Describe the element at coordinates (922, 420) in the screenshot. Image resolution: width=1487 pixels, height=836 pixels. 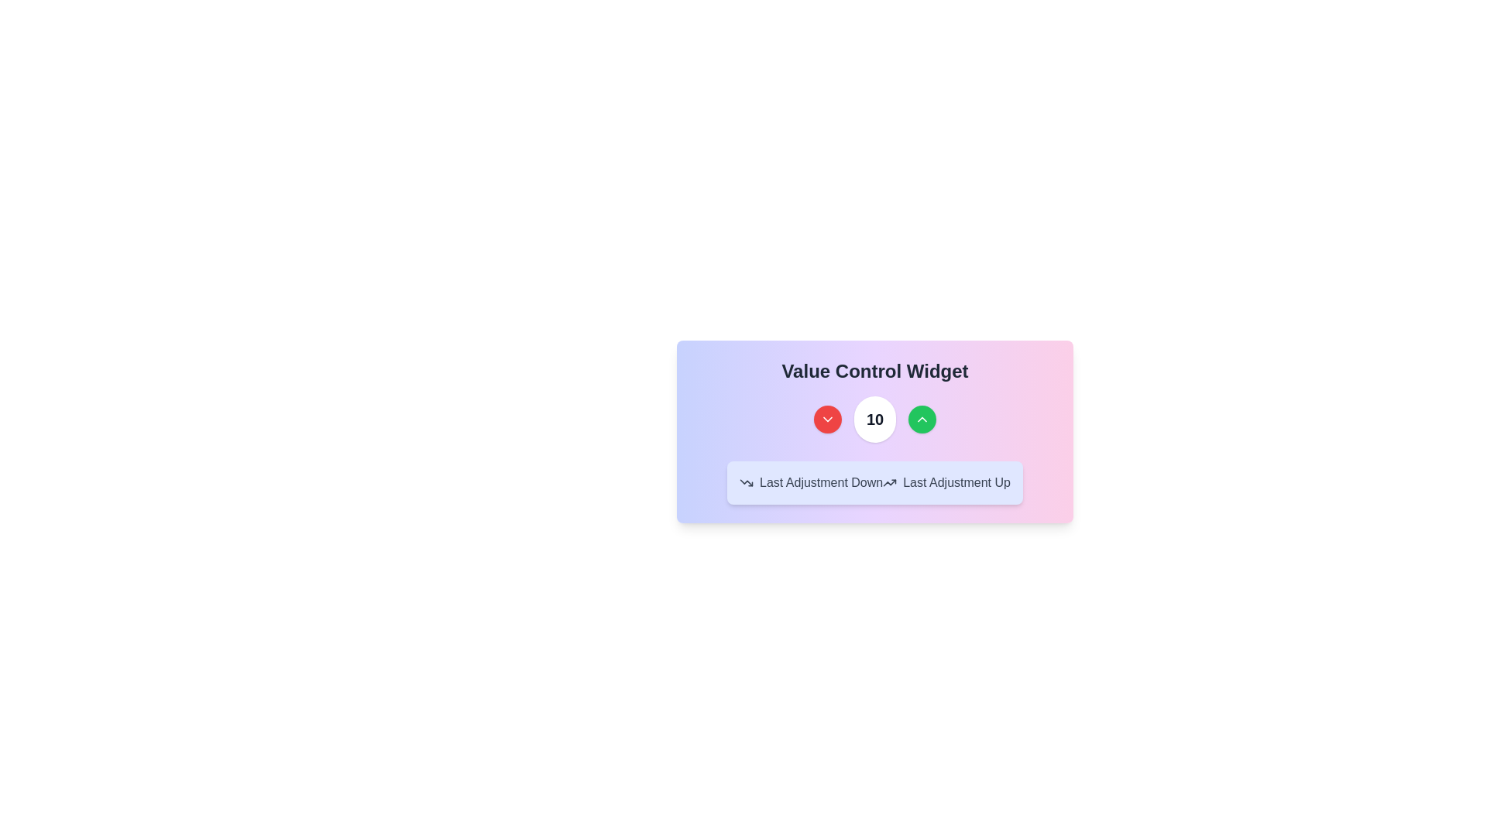
I see `the green circular button with the upward-pointing chevron icon by moving the keyboard focus to it` at that location.